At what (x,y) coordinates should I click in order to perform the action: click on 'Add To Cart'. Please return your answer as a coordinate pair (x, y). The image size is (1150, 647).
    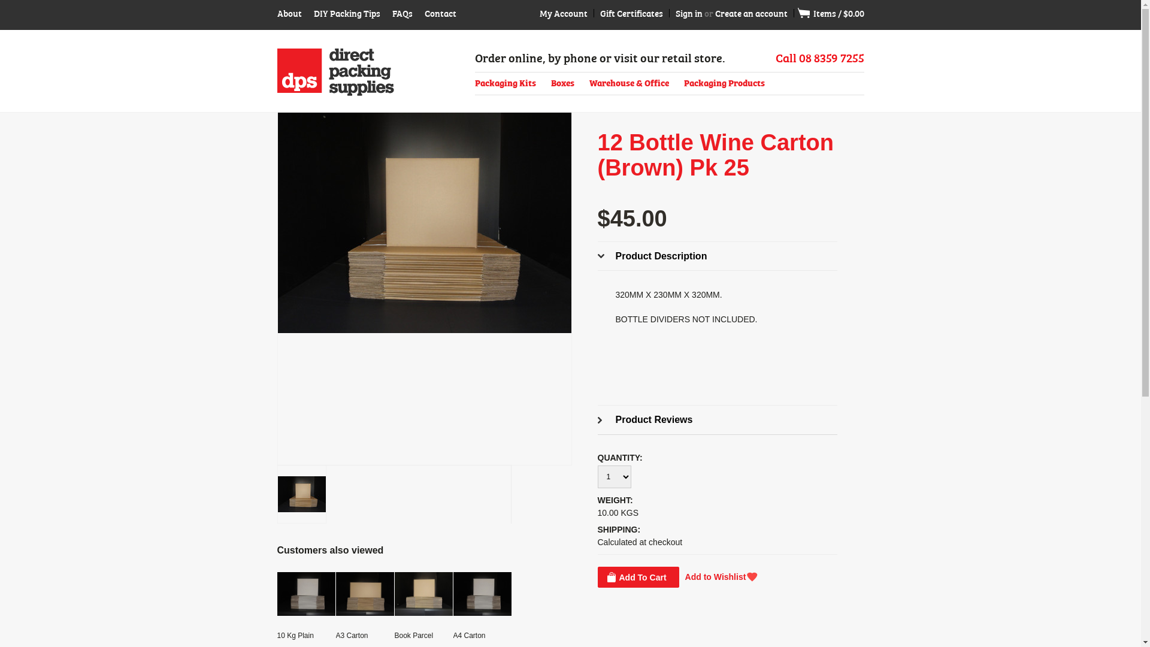
    Looking at the image, I should click on (637, 576).